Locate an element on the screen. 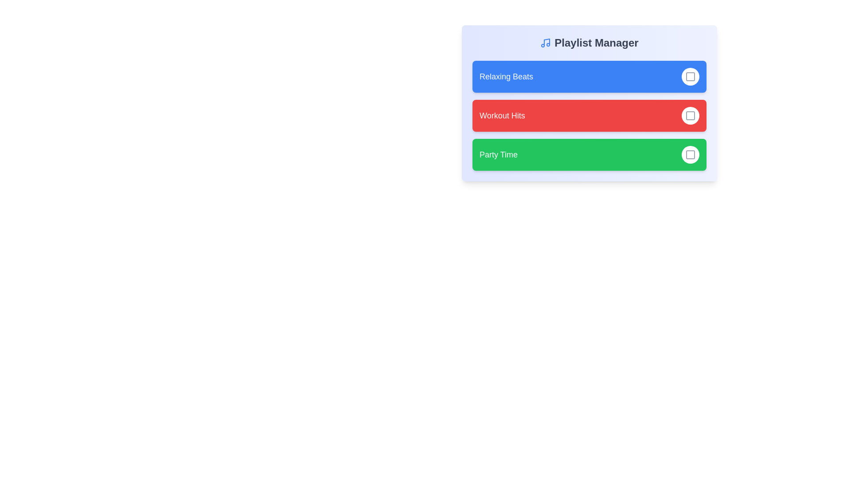 This screenshot has width=851, height=479. the selection button for the 'Relaxing Beats' playlist is located at coordinates (690, 76).